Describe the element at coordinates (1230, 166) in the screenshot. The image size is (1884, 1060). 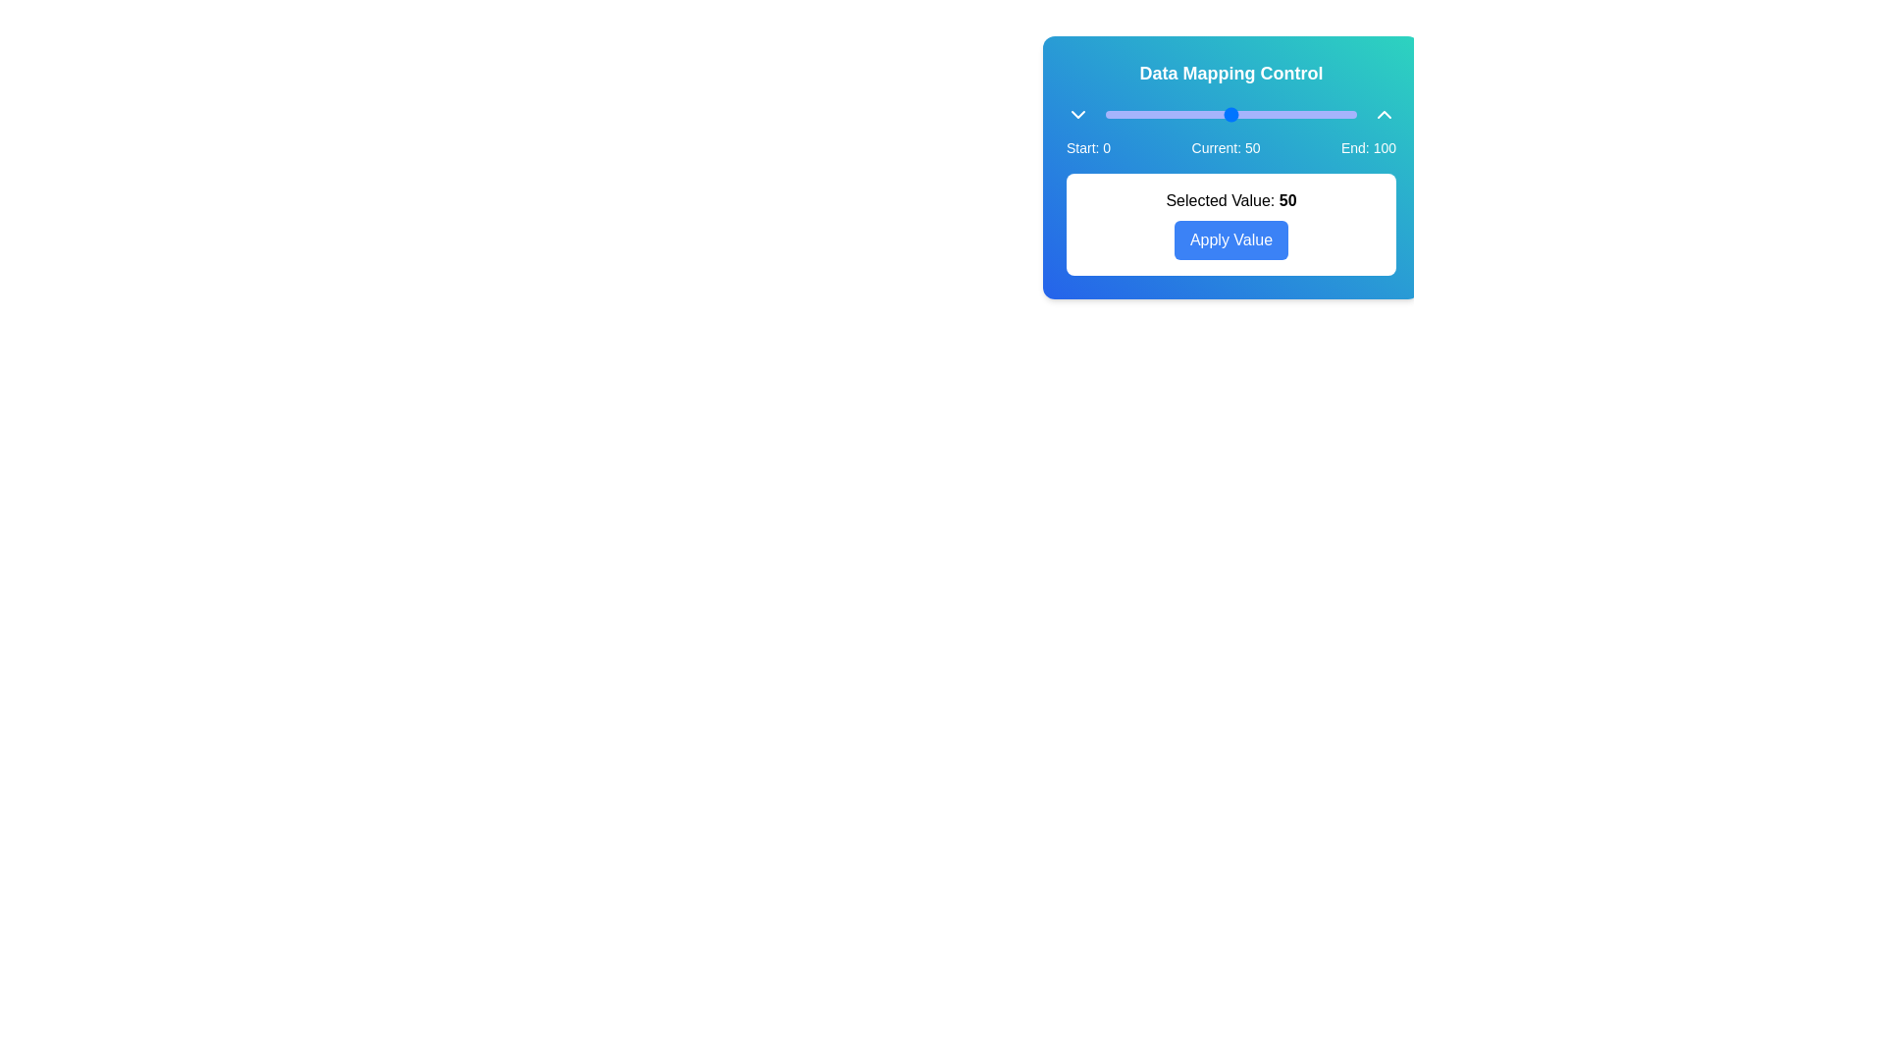
I see `the 'Apply Value' button of the interactive control widget used for setting data values, confirming the selected value adjustment` at that location.